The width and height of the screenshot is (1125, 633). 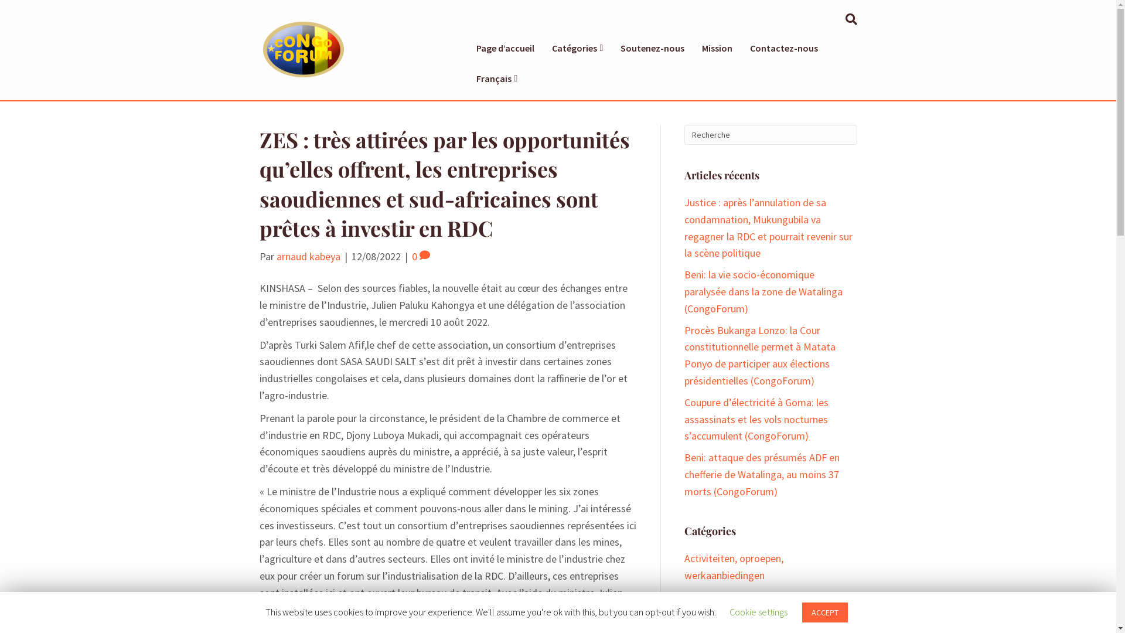 I want to click on 'Contactez-nous', so click(x=784, y=47).